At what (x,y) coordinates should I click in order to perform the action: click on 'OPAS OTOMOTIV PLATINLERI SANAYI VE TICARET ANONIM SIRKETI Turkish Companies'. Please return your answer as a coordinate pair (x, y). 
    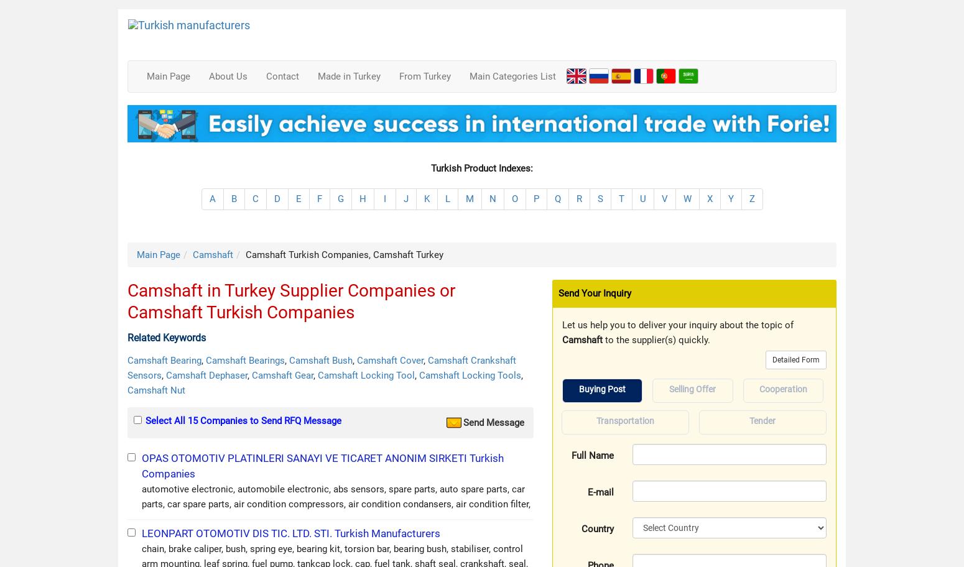
    Looking at the image, I should click on (141, 464).